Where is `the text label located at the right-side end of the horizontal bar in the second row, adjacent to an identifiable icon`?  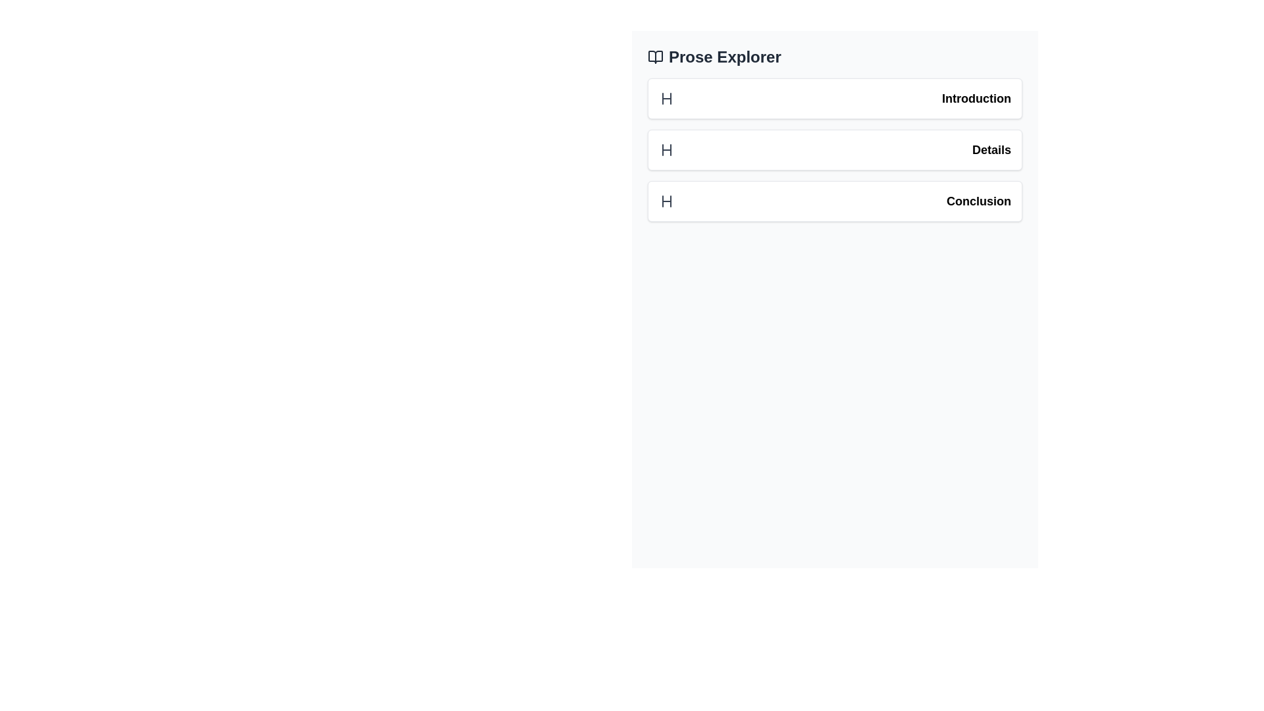 the text label located at the right-side end of the horizontal bar in the second row, adjacent to an identifiable icon is located at coordinates (991, 149).